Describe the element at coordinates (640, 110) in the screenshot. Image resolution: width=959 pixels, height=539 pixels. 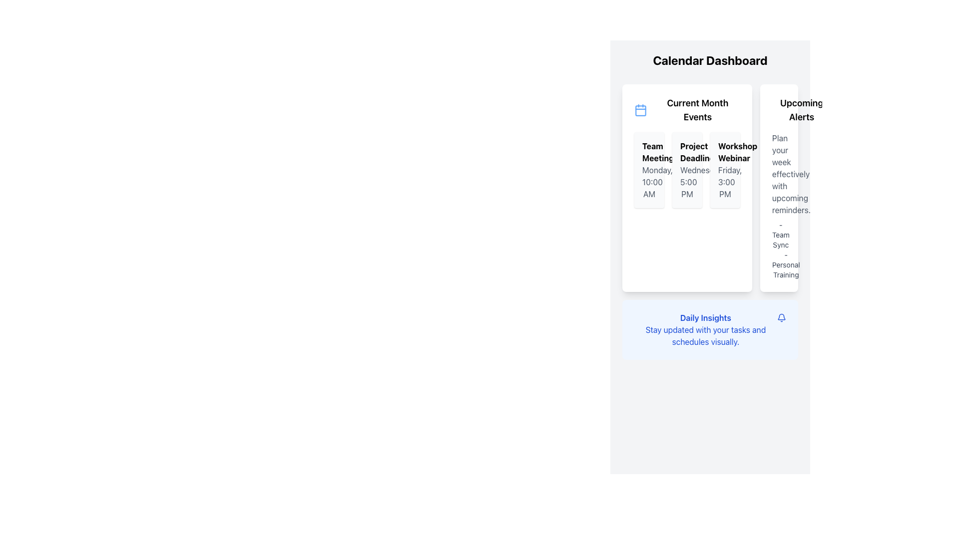
I see `the calendar icon that represents the 'Current Month Events' section, located at the top-left corner adjacent to its title` at that location.